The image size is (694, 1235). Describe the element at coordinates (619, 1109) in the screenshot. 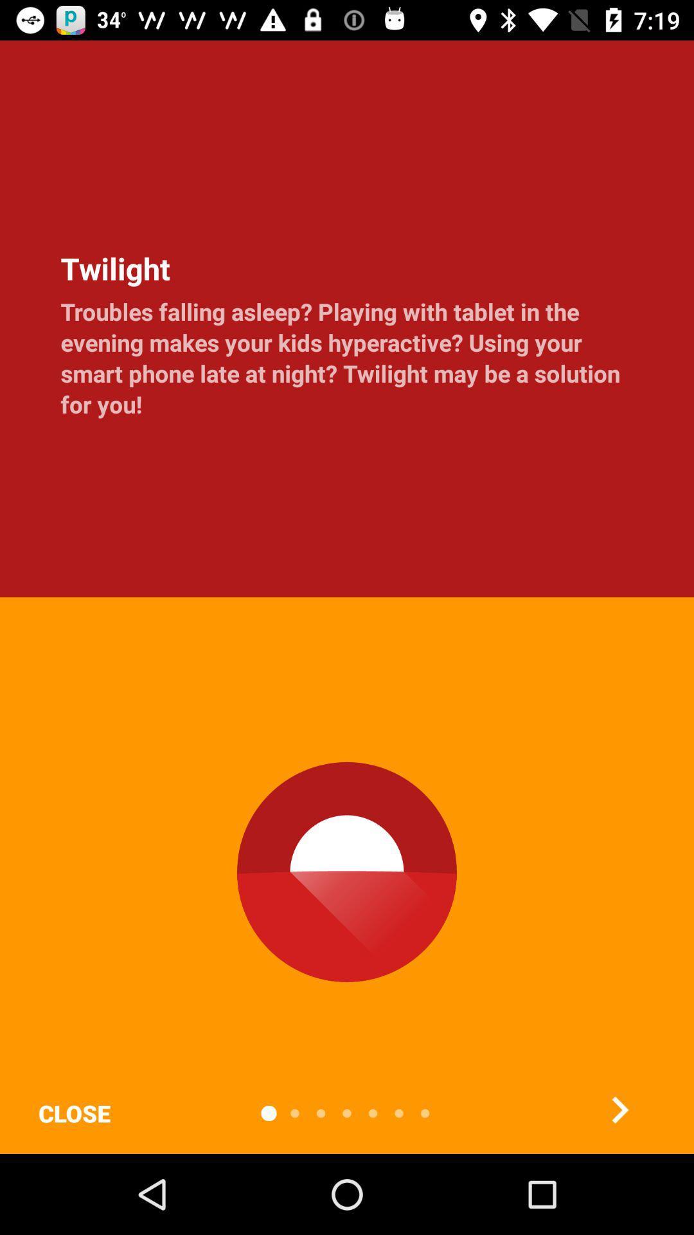

I see `item at the bottom right corner` at that location.